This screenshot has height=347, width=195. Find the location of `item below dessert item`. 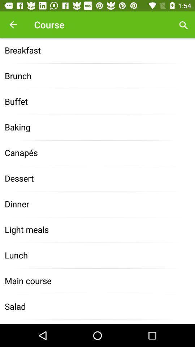

item below dessert item is located at coordinates (97, 204).